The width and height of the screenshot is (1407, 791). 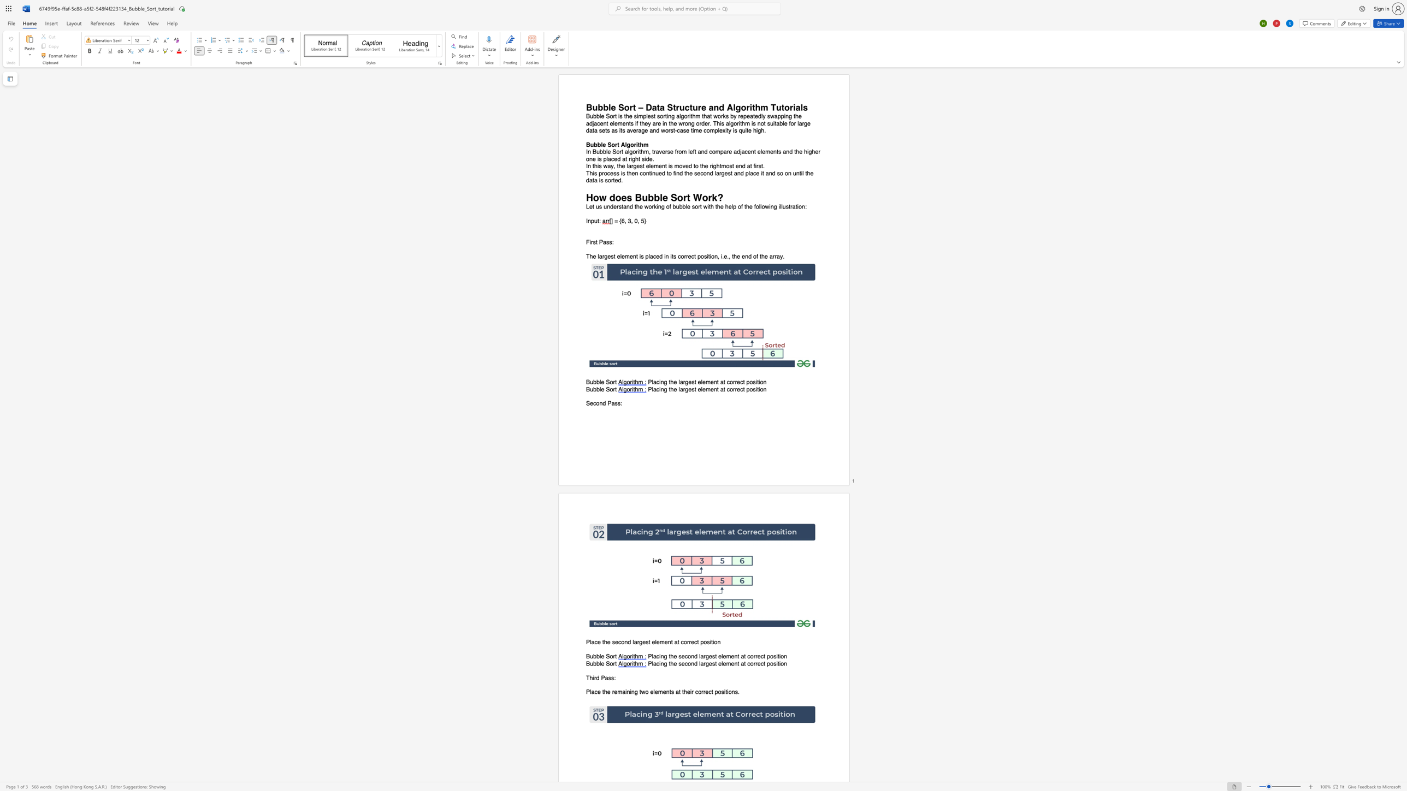 What do you see at coordinates (613, 382) in the screenshot?
I see `the space between the continuous character "o" and "r" in the text` at bounding box center [613, 382].